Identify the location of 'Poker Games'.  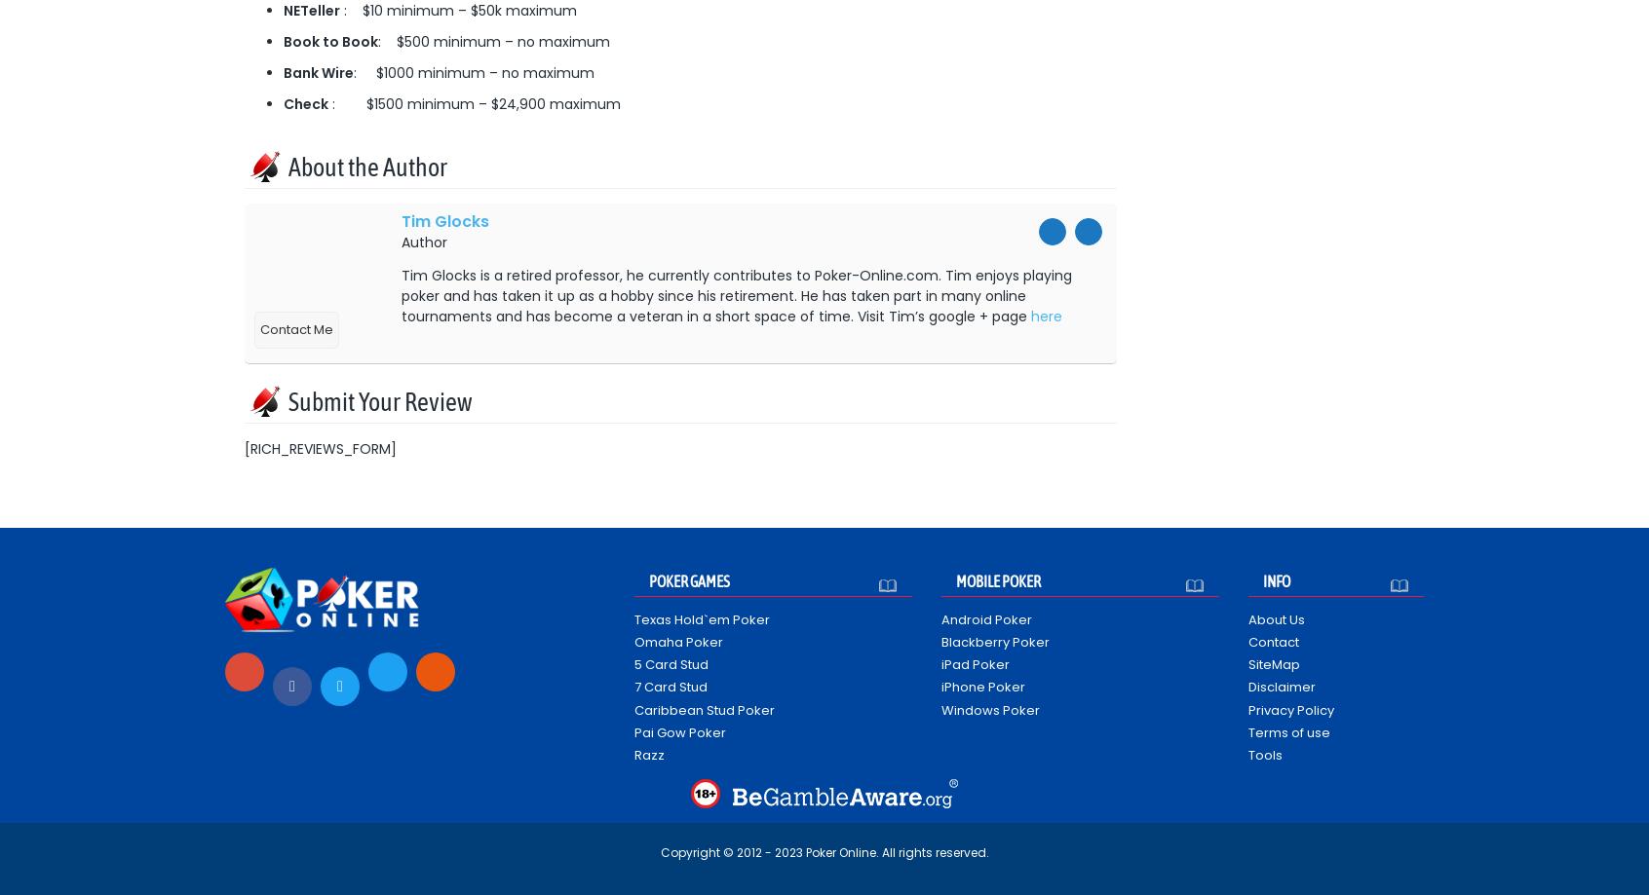
(688, 579).